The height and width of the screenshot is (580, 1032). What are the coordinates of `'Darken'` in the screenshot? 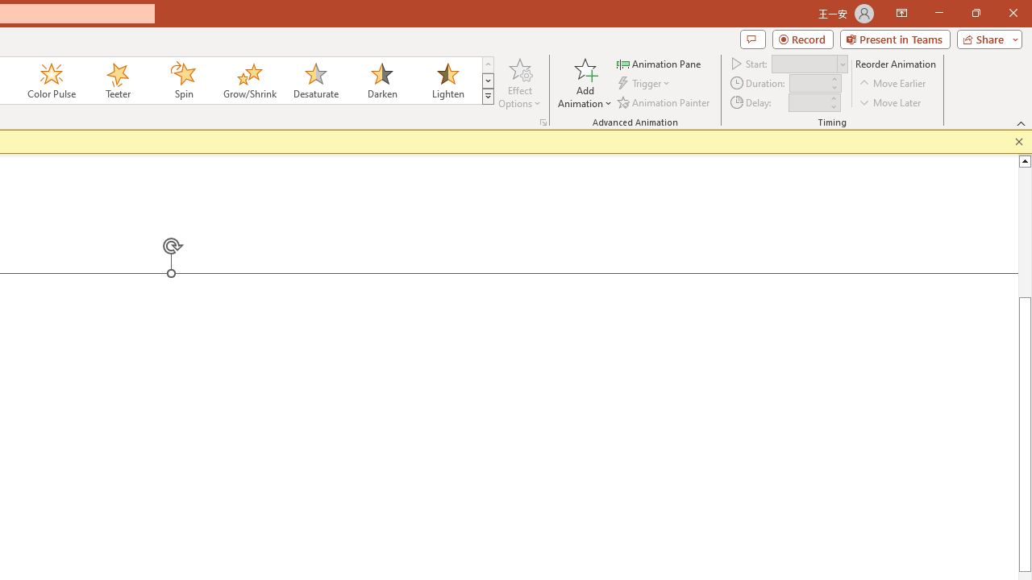 It's located at (381, 81).